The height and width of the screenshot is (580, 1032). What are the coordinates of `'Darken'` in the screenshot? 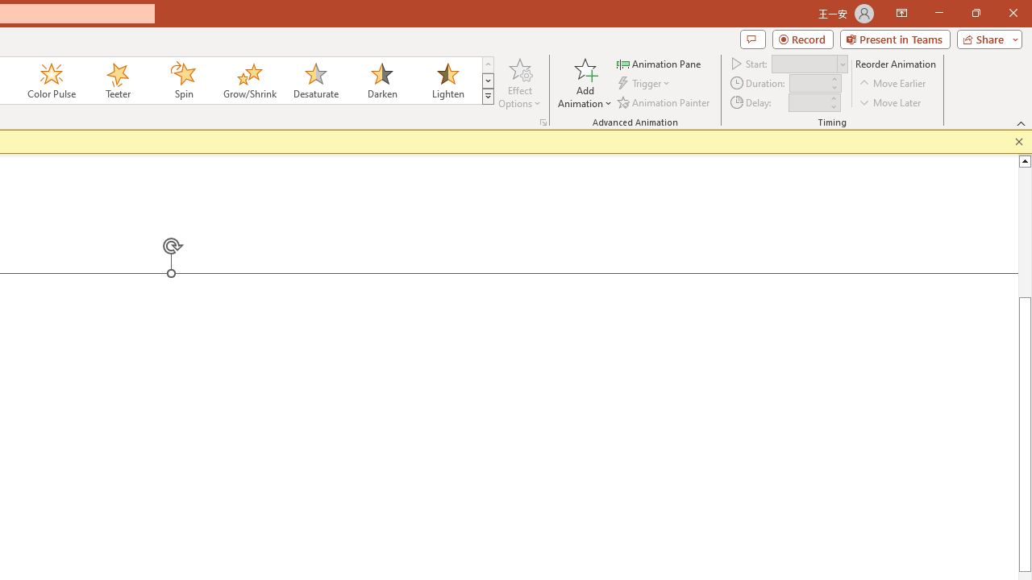 It's located at (381, 81).